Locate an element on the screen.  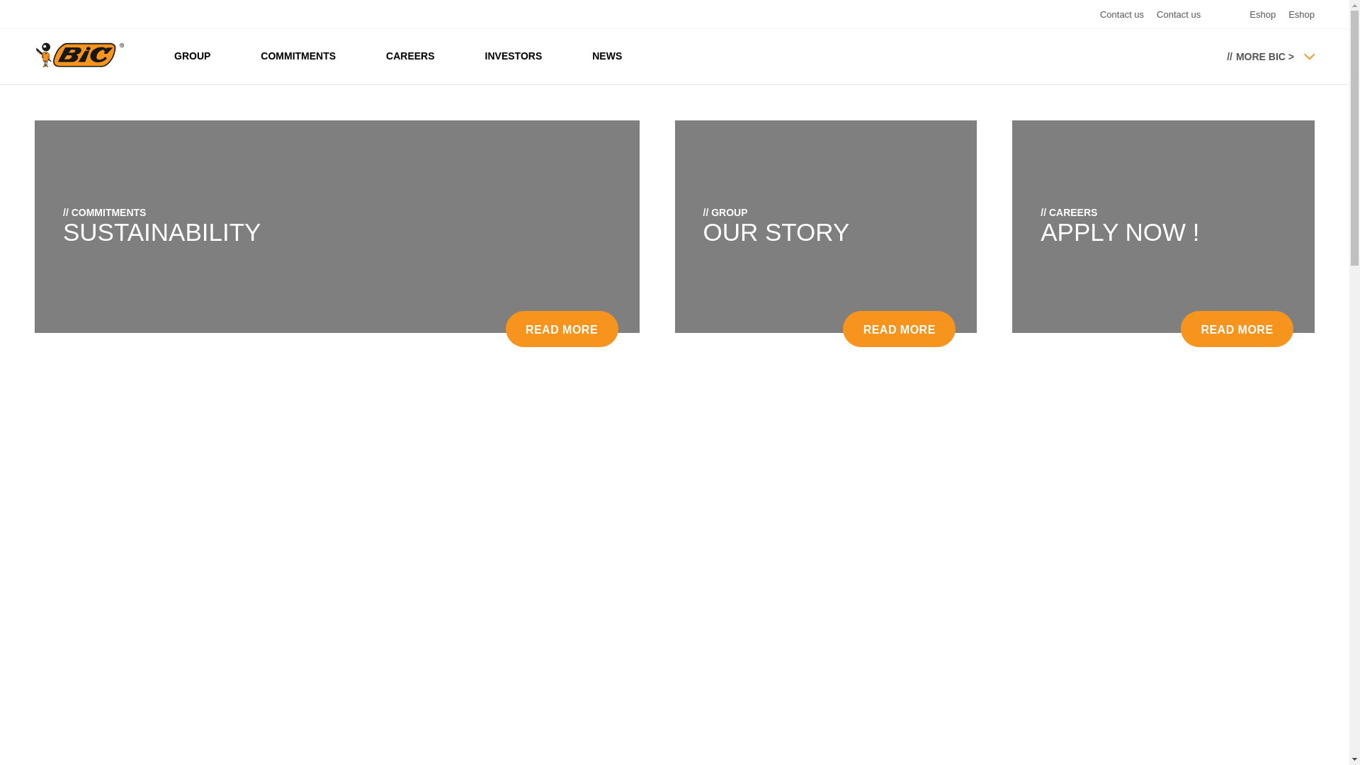
'NEWS' is located at coordinates (607, 55).